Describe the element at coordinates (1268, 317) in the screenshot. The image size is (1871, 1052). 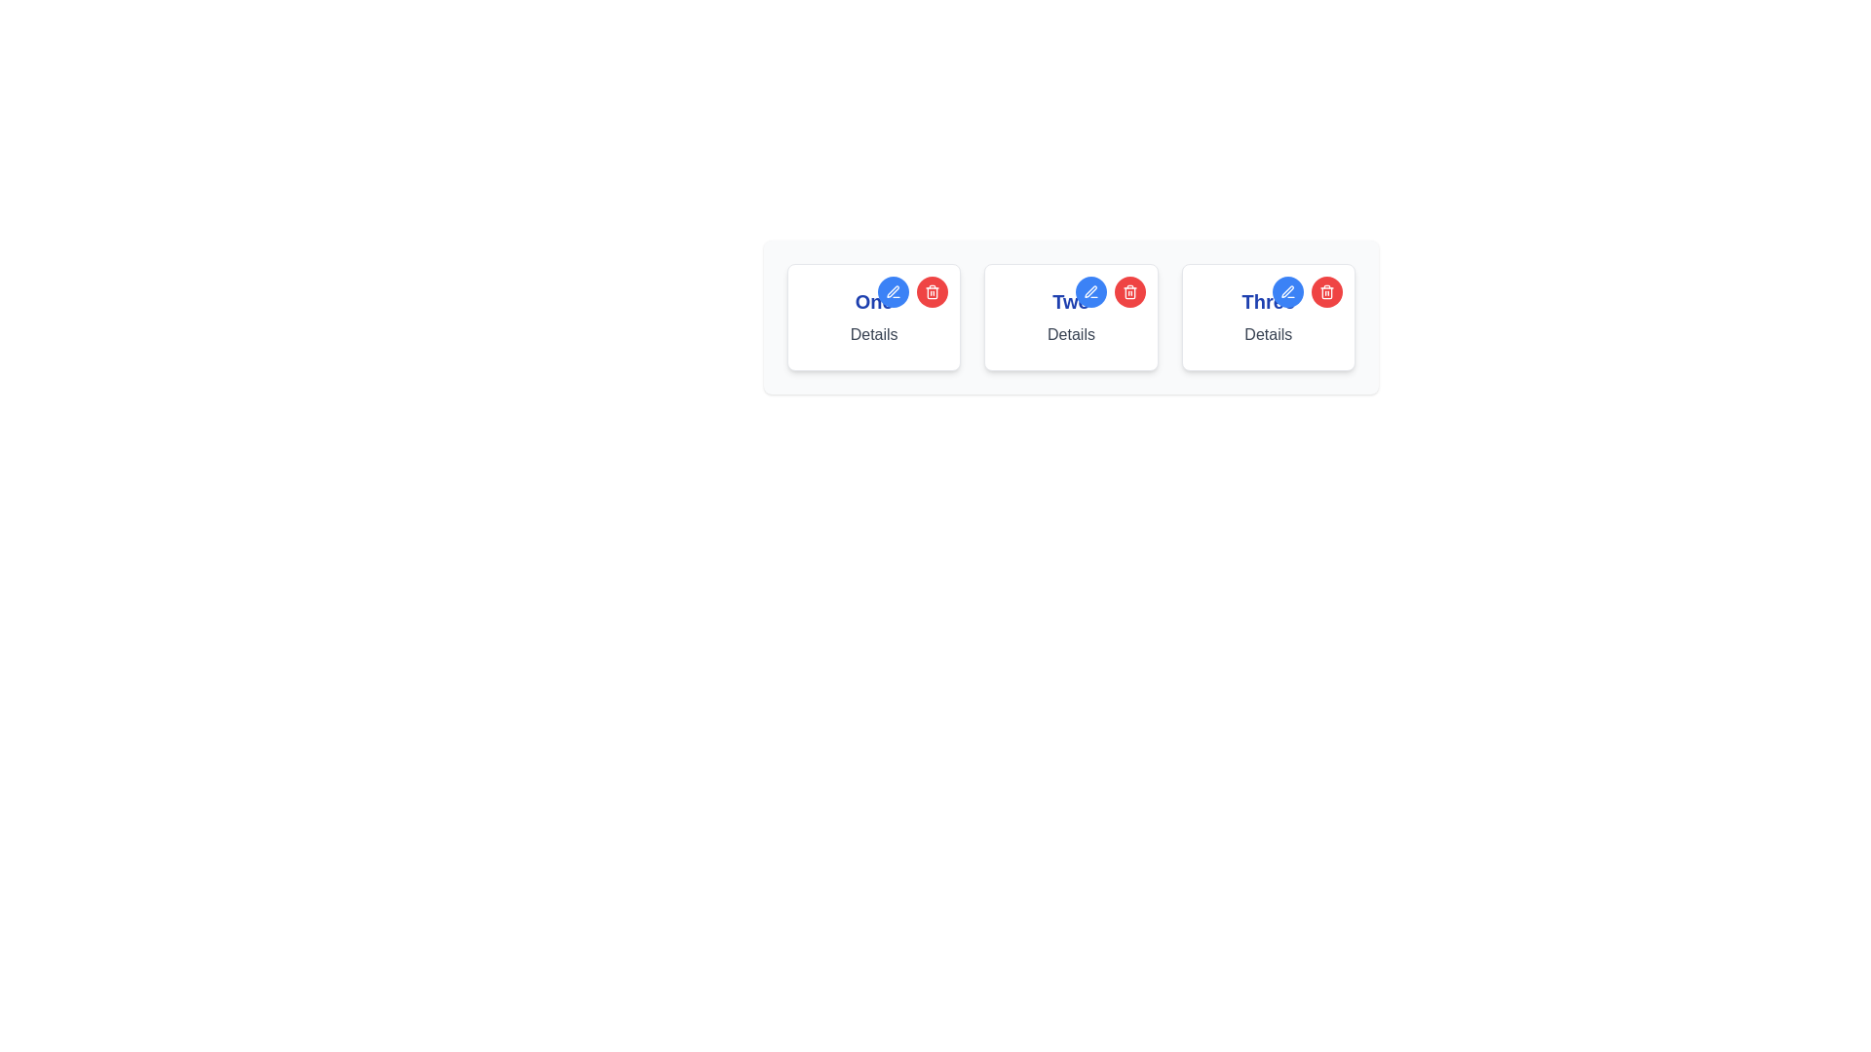
I see `the blue pencil icon on the card titled 'Three', which is the third card in a horizontally arranged set of three cards` at that location.